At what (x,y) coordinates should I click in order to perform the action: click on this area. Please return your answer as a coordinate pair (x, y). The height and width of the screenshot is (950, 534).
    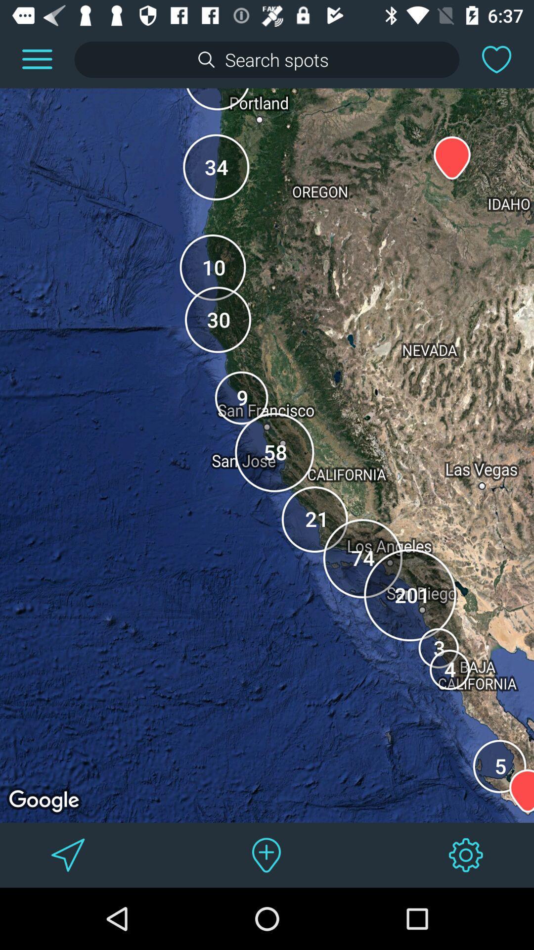
    Looking at the image, I should click on (496, 59).